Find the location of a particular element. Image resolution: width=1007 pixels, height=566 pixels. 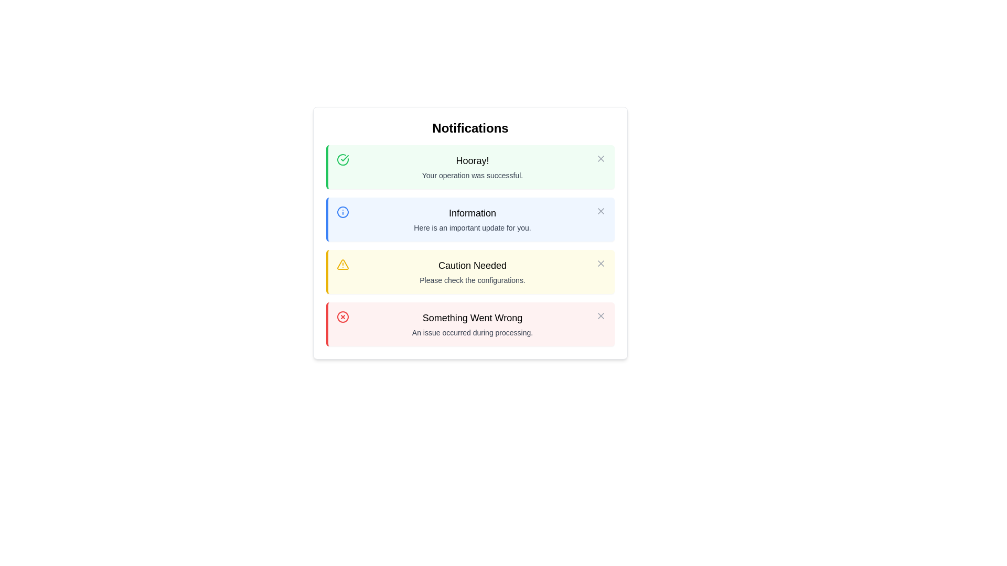

the static text 'Hooray!' which is styled with a medium font weight and large size, located within the first notification box of the 'Notifications' section, centered between the green checkmark icon and the close button is located at coordinates (472, 161).